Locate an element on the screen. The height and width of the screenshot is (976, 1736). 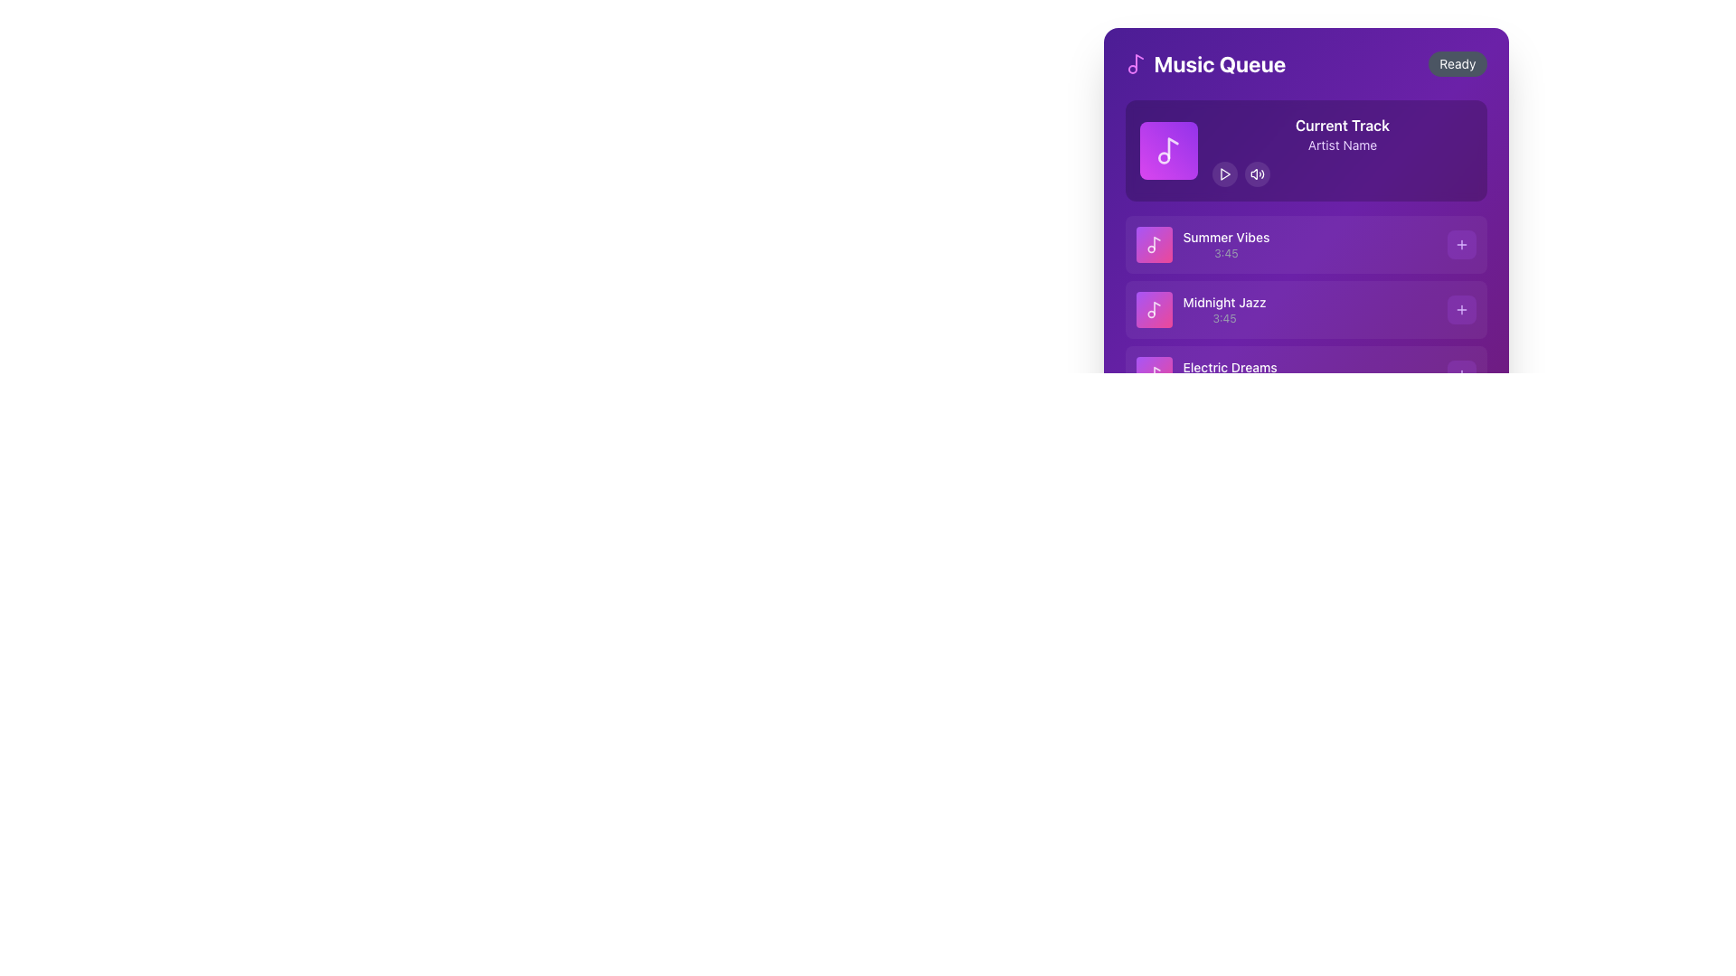
music note icon styled within a gradient background, which is the first icon in the second row of the music queue interface is located at coordinates (1153, 244).